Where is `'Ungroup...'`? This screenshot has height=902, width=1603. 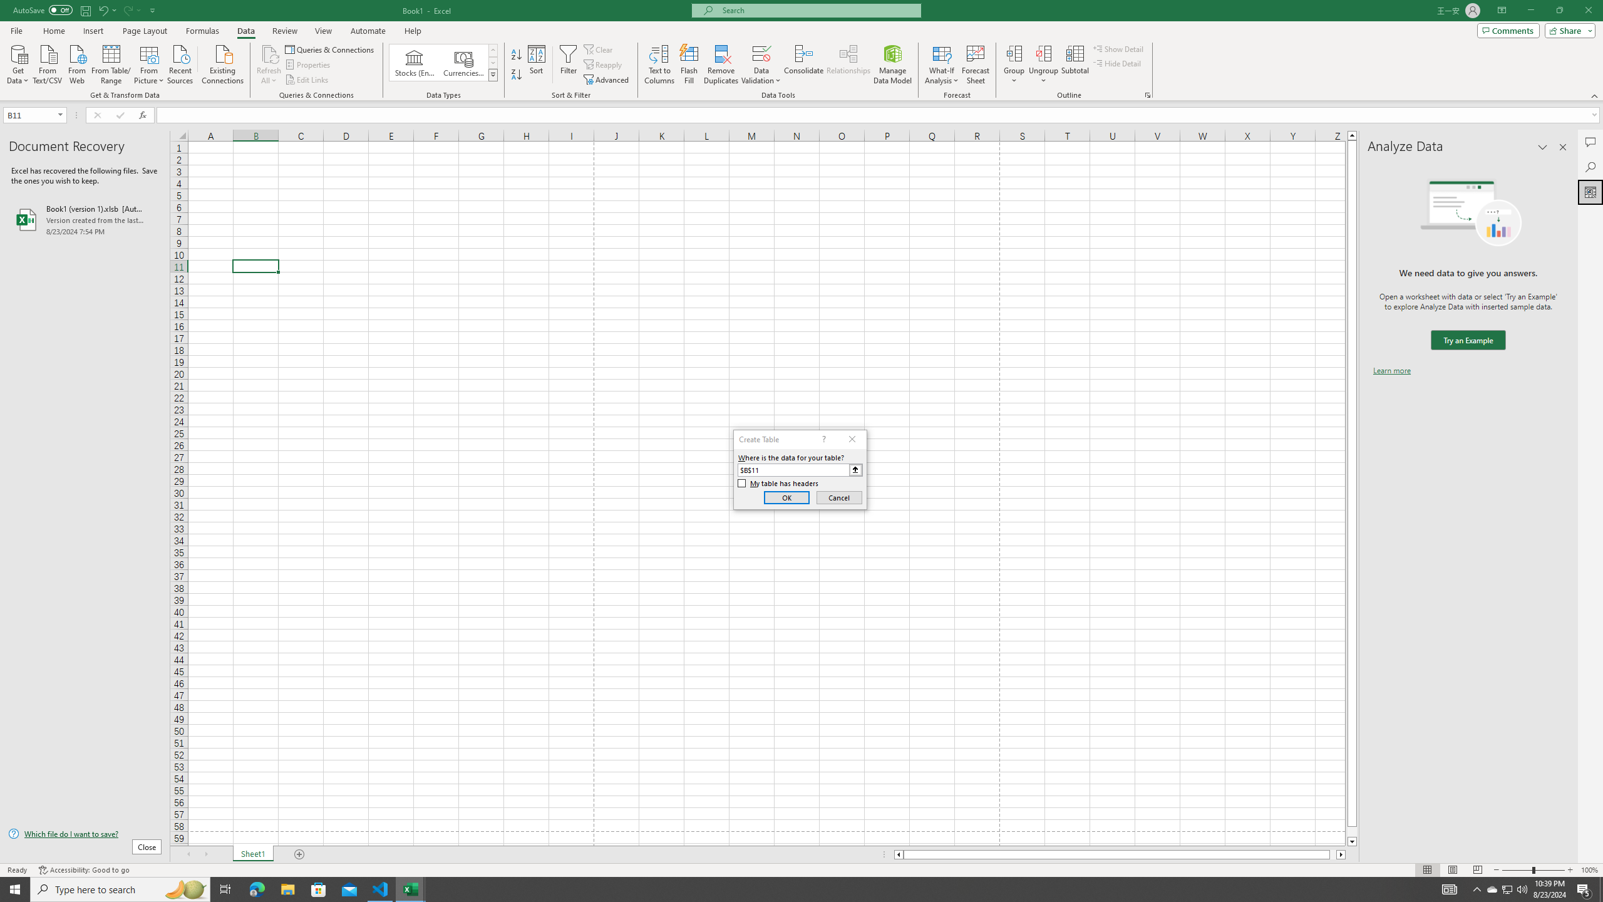 'Ungroup...' is located at coordinates (1043, 53).